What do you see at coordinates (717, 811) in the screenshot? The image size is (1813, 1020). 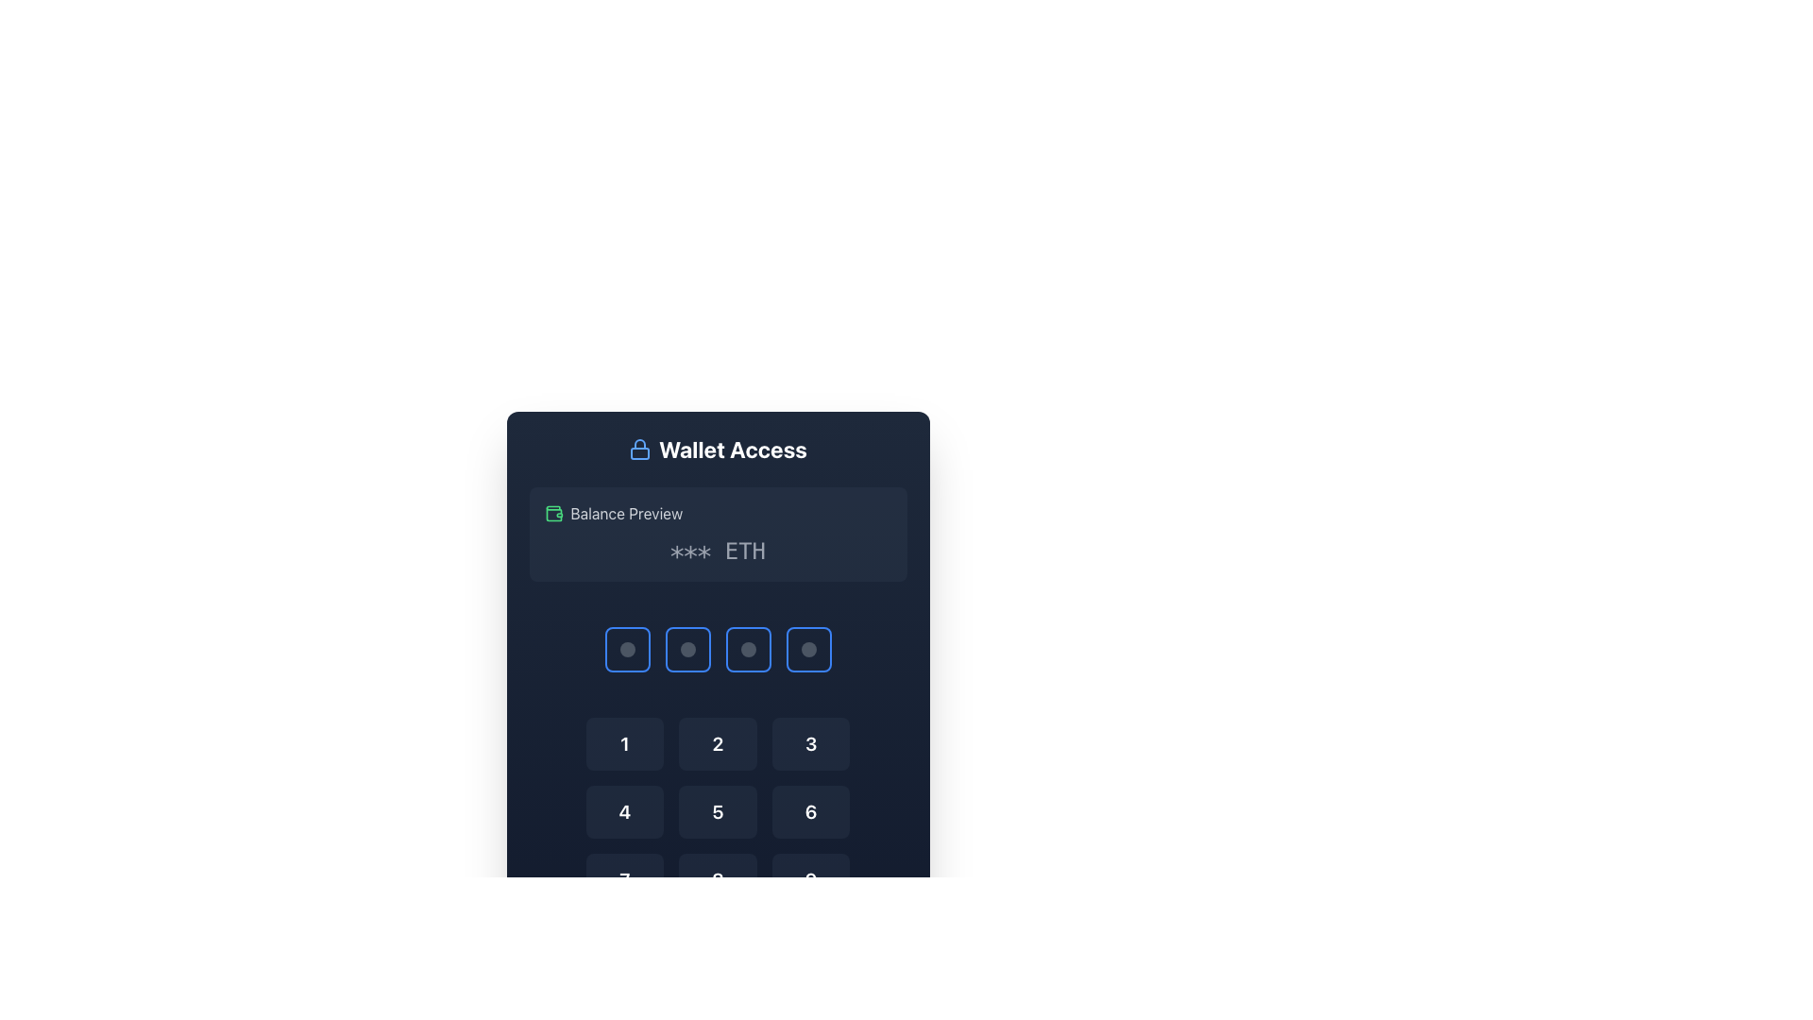 I see `the button labeled '5', which is a rectangular button with a dark blue background and white text, located in the second column of the second row of a grid layout` at bounding box center [717, 811].